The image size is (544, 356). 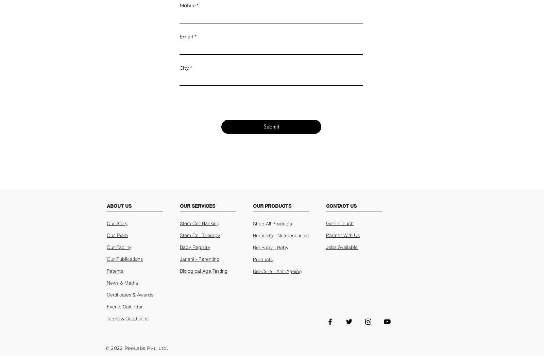 I want to click on 'Biological Age Testing', so click(x=203, y=270).